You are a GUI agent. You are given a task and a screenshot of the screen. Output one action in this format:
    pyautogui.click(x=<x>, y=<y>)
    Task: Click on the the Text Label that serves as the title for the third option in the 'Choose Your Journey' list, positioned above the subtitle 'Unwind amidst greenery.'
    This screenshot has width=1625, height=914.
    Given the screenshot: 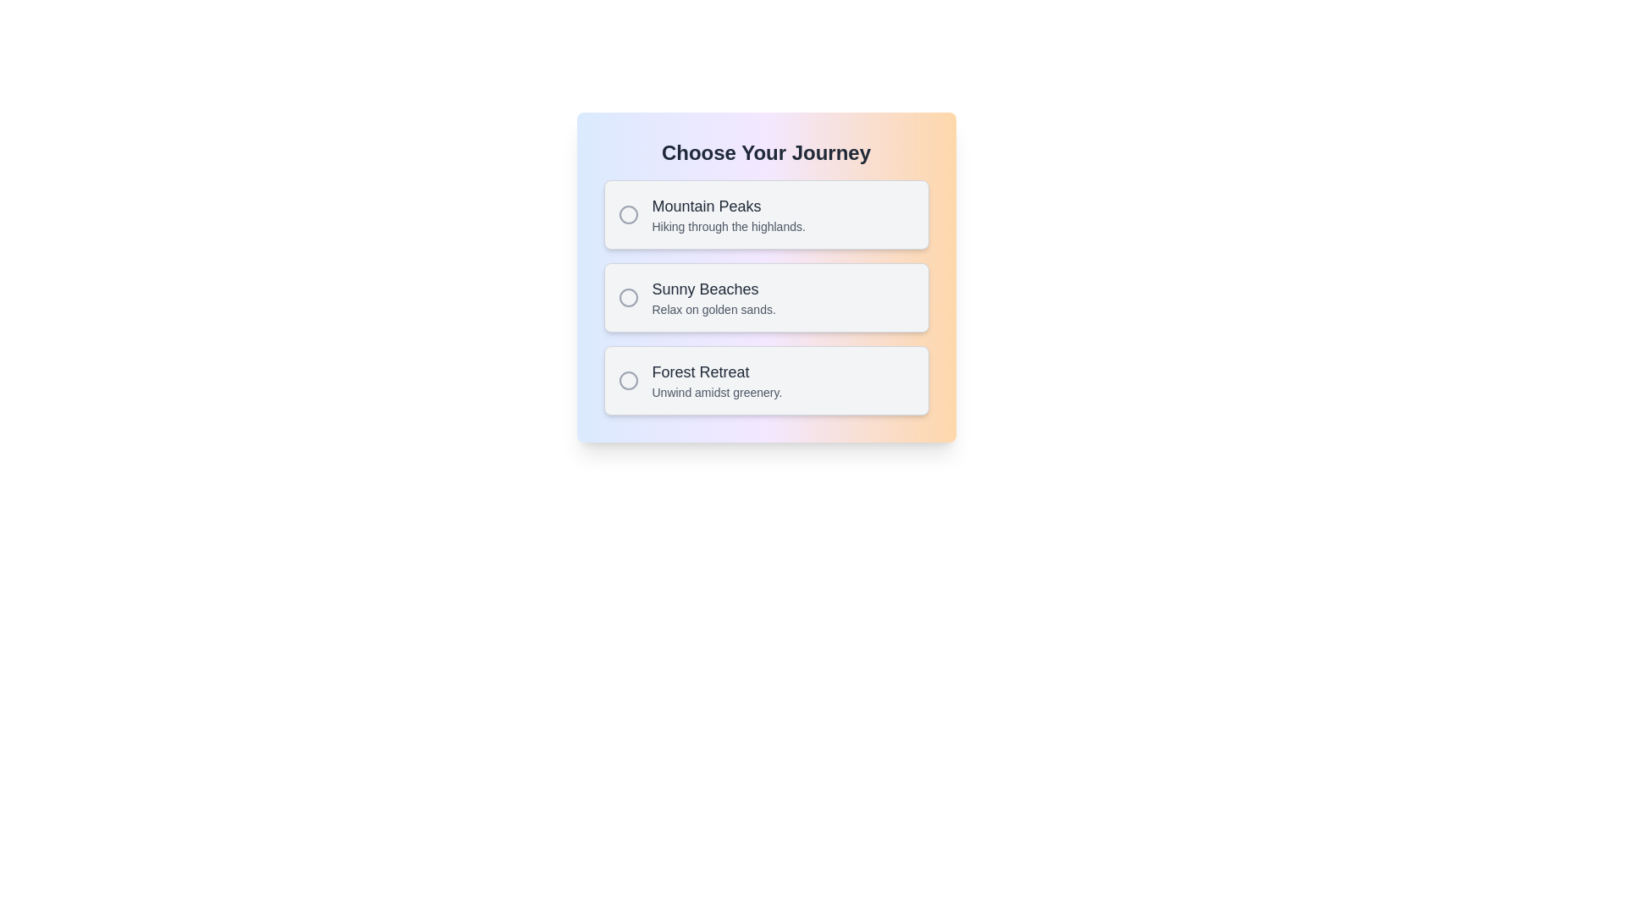 What is the action you would take?
    pyautogui.click(x=717, y=371)
    